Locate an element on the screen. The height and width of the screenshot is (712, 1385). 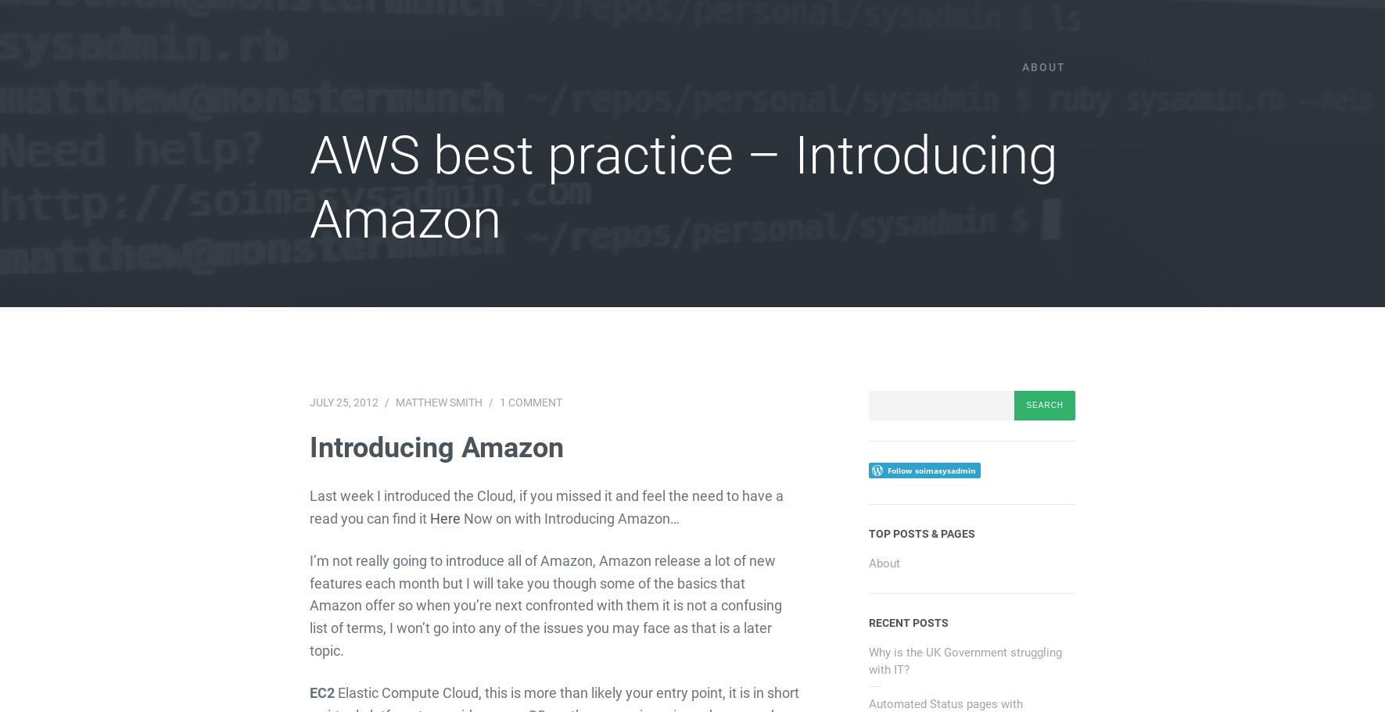
'AWS best practice – Introducing Amazon' is located at coordinates (682, 187).